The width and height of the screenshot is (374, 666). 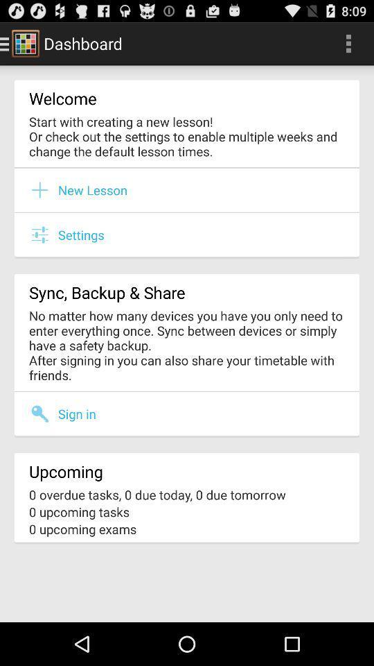 What do you see at coordinates (44, 413) in the screenshot?
I see `the item to the left of sign in icon` at bounding box center [44, 413].